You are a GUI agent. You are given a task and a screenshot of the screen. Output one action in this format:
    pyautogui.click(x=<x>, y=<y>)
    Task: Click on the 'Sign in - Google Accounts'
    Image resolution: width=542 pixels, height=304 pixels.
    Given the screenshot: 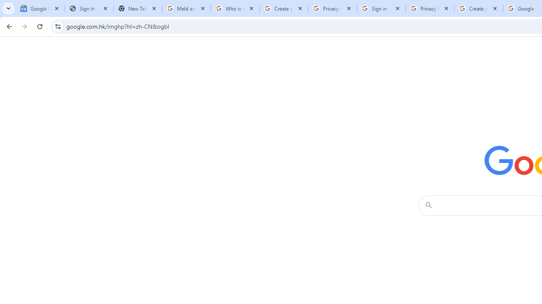 What is the action you would take?
    pyautogui.click(x=381, y=8)
    